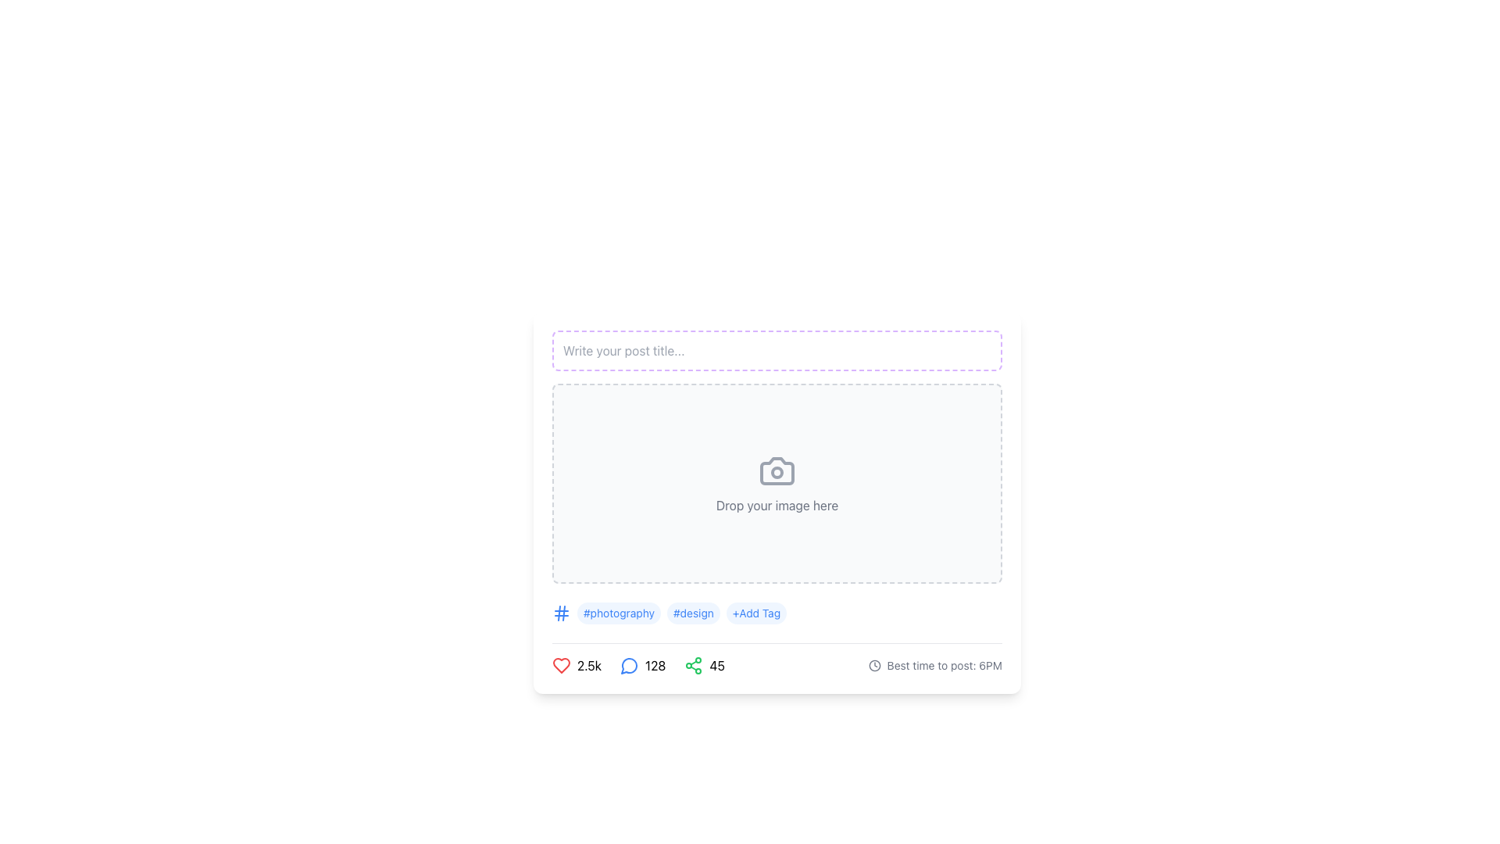  I want to click on the text label displaying the count of interactions, which is positioned to the right of the green share icon in the lower portion of the interface, so click(716, 666).